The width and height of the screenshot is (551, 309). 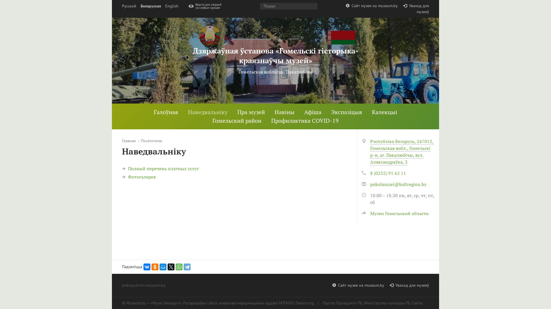 What do you see at coordinates (170, 267) in the screenshot?
I see `'Twitter'` at bounding box center [170, 267].